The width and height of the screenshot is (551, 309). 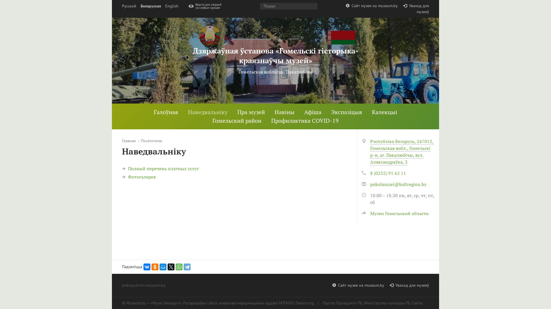 What do you see at coordinates (170, 267) in the screenshot?
I see `'Twitter'` at bounding box center [170, 267].